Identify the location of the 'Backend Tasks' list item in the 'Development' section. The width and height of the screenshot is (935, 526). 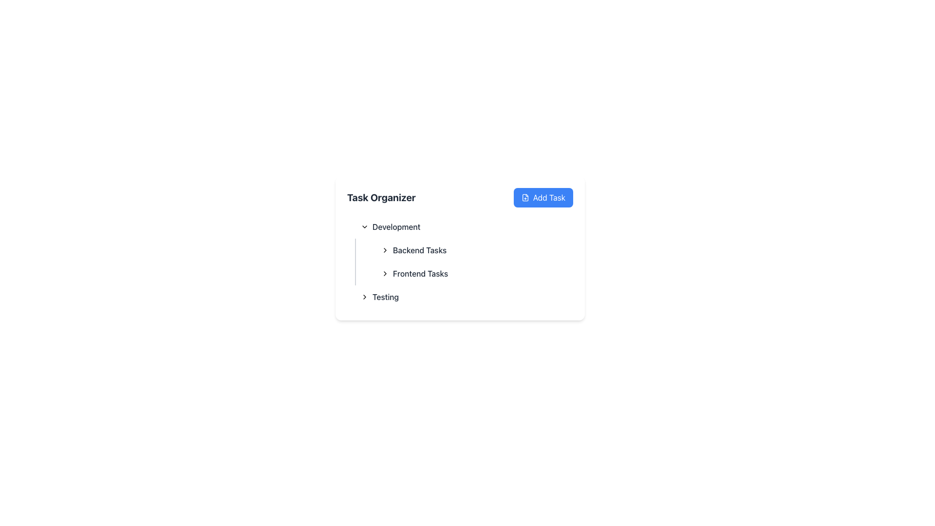
(474, 249).